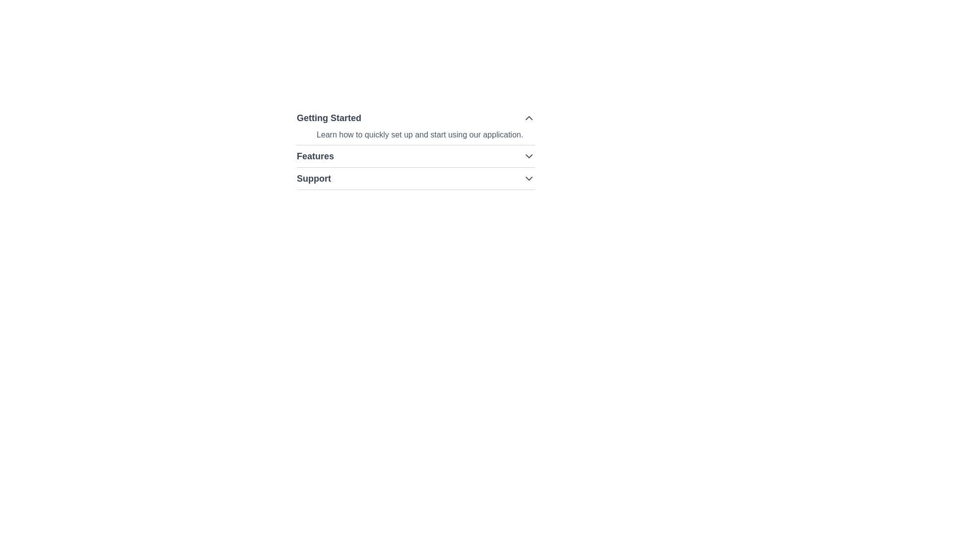 Image resolution: width=953 pixels, height=536 pixels. What do you see at coordinates (329, 118) in the screenshot?
I see `the 'Getting Started' text element, which serves as a section title indicating the content below relates to getting started with the application` at bounding box center [329, 118].